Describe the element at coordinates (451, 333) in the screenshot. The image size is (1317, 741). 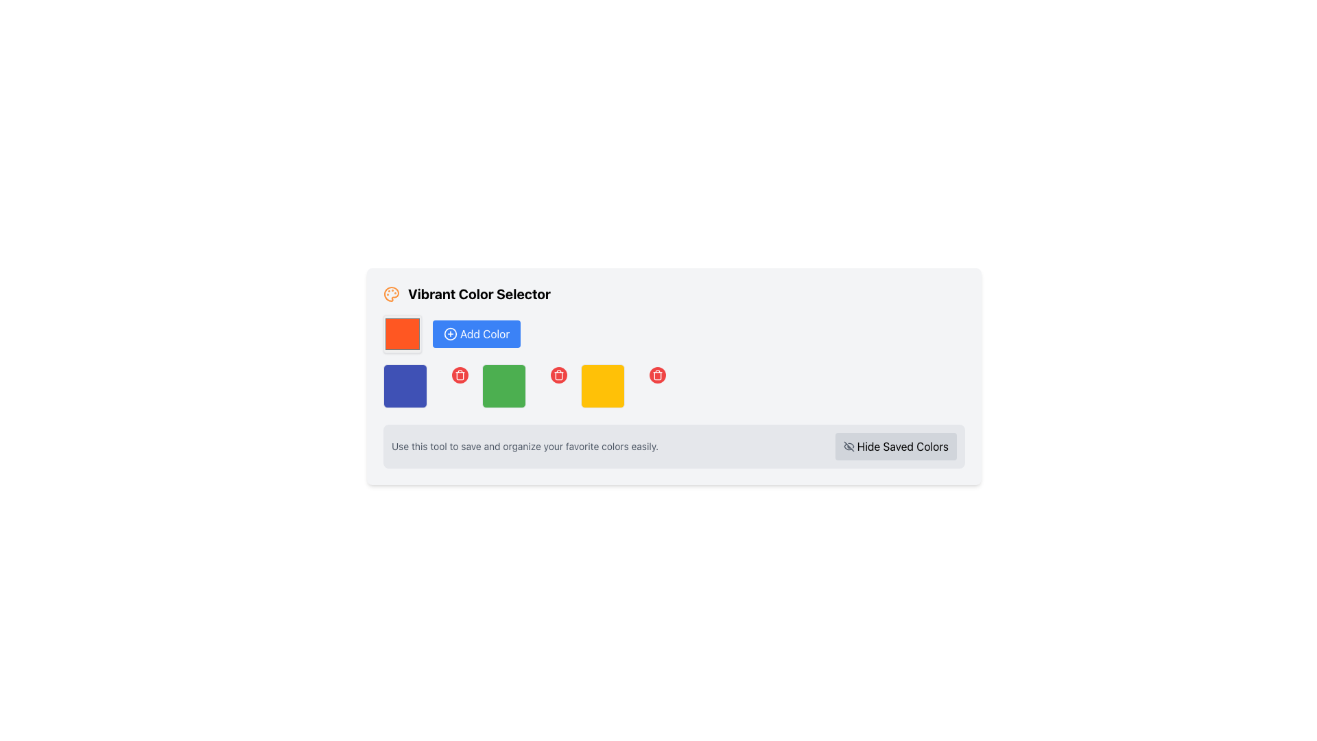
I see `SVG Circle element that visually represents the plus icon within the Add Color button` at that location.